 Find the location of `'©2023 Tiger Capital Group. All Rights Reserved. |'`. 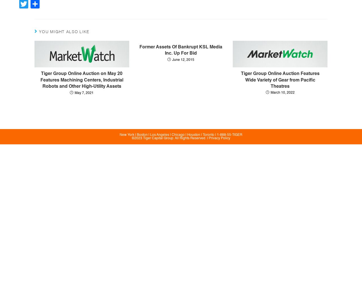

'©2023 Tiger Capital Group. All Rights Reserved. |' is located at coordinates (170, 138).